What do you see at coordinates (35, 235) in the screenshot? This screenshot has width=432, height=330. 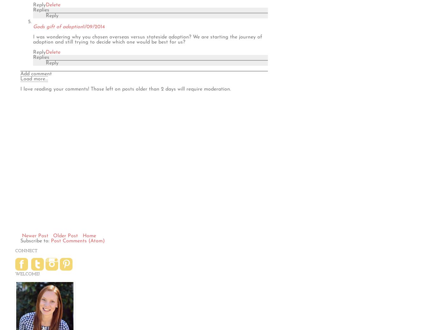 I see `'Newer Post'` at bounding box center [35, 235].